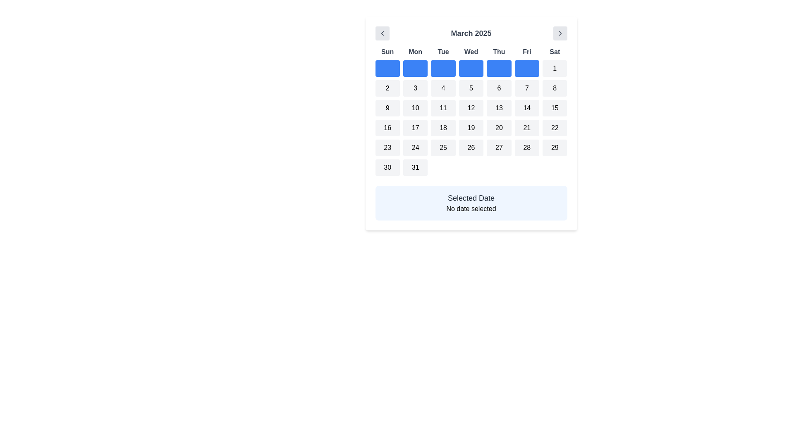 The height and width of the screenshot is (446, 794). What do you see at coordinates (560, 33) in the screenshot?
I see `the right-pointing chevron icon within the button located at the top-right corner of the calendar interface` at bounding box center [560, 33].